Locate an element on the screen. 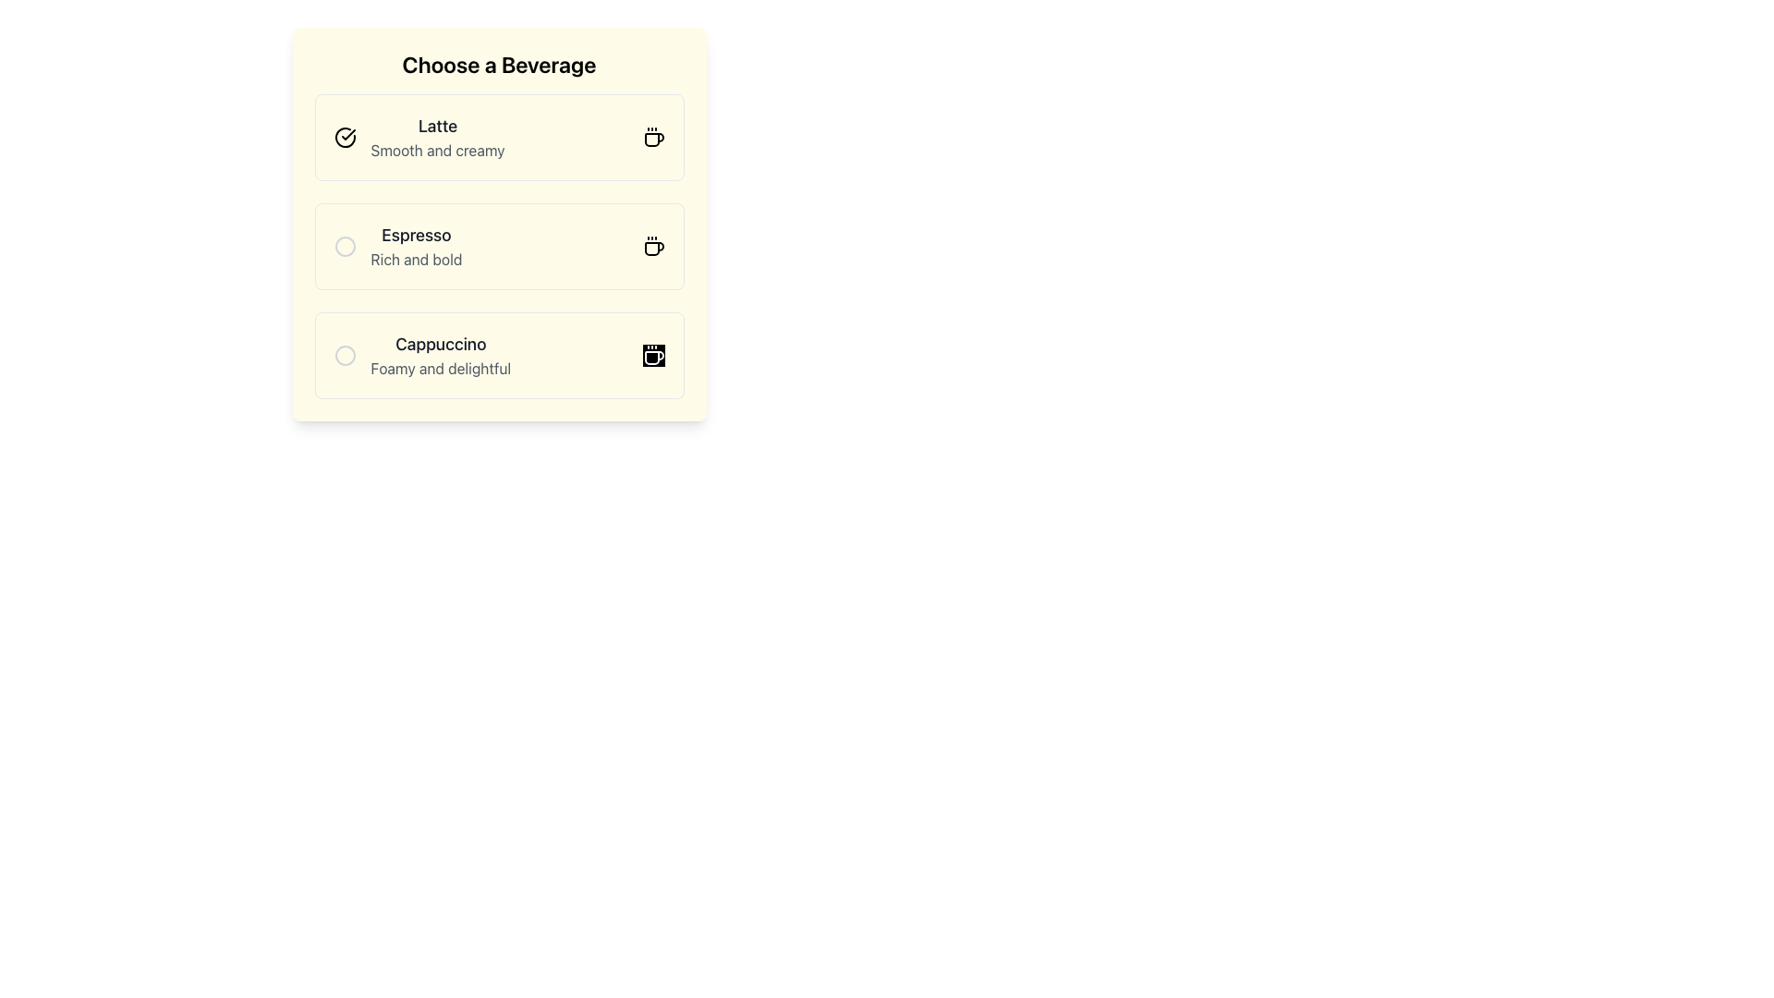 The image size is (1774, 998). the selectable list item for 'Espresso' located between 'Latte' and 'Cappuccino' is located at coordinates (499, 245).